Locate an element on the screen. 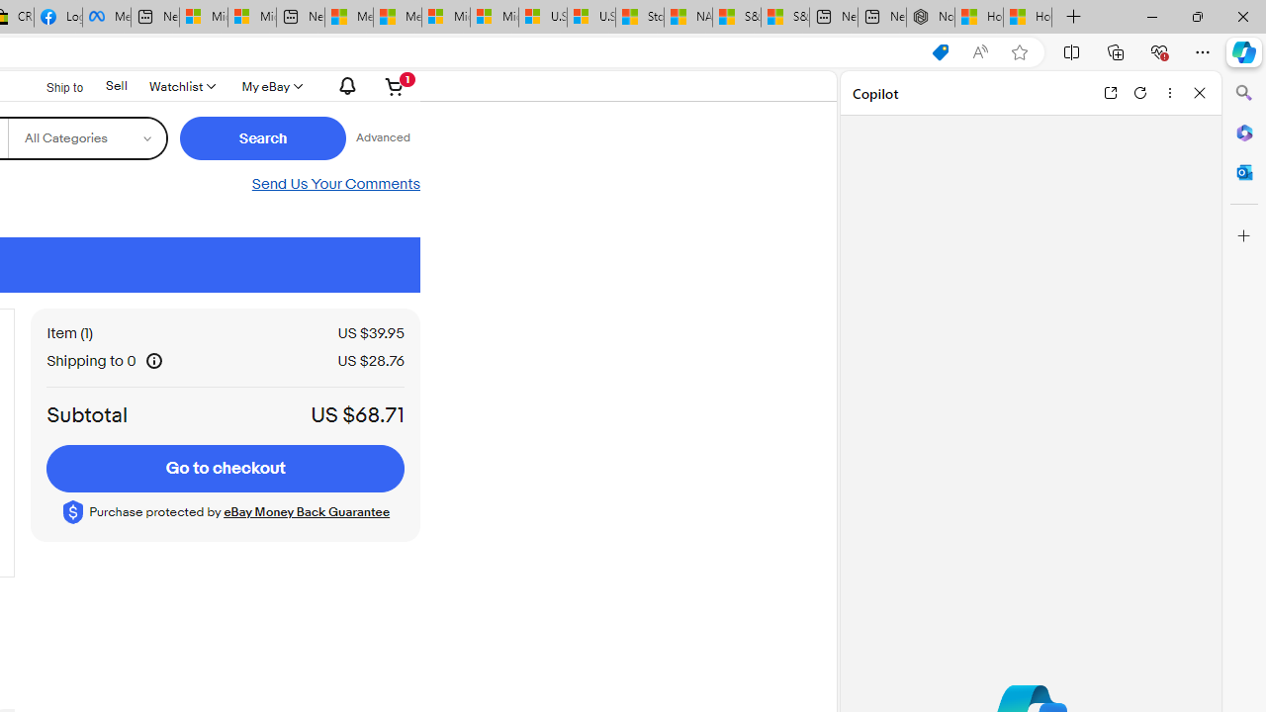 This screenshot has width=1266, height=712. 'S&P 500, Nasdaq end lower, weighed by Nvidia dip | Watch' is located at coordinates (784, 17).